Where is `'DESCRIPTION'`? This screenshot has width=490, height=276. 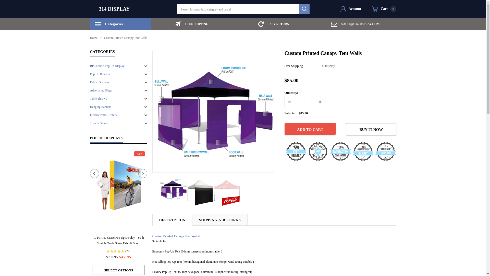
'DESCRIPTION' is located at coordinates (172, 219).